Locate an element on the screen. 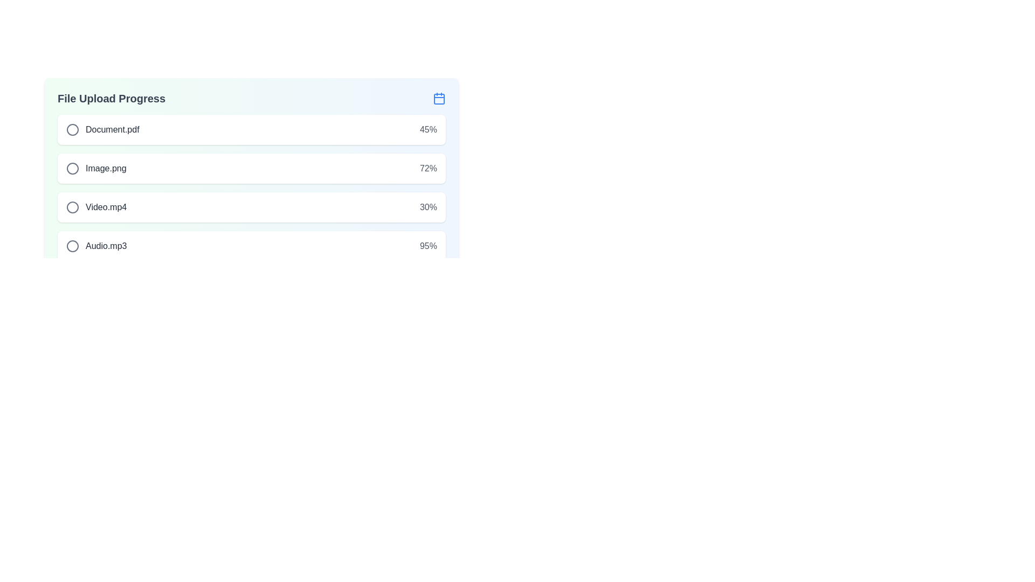 This screenshot has width=1035, height=582. the rounded rectangle element within the blue SVG calendar icon located in the top-right corner of the interface is located at coordinates (439, 99).